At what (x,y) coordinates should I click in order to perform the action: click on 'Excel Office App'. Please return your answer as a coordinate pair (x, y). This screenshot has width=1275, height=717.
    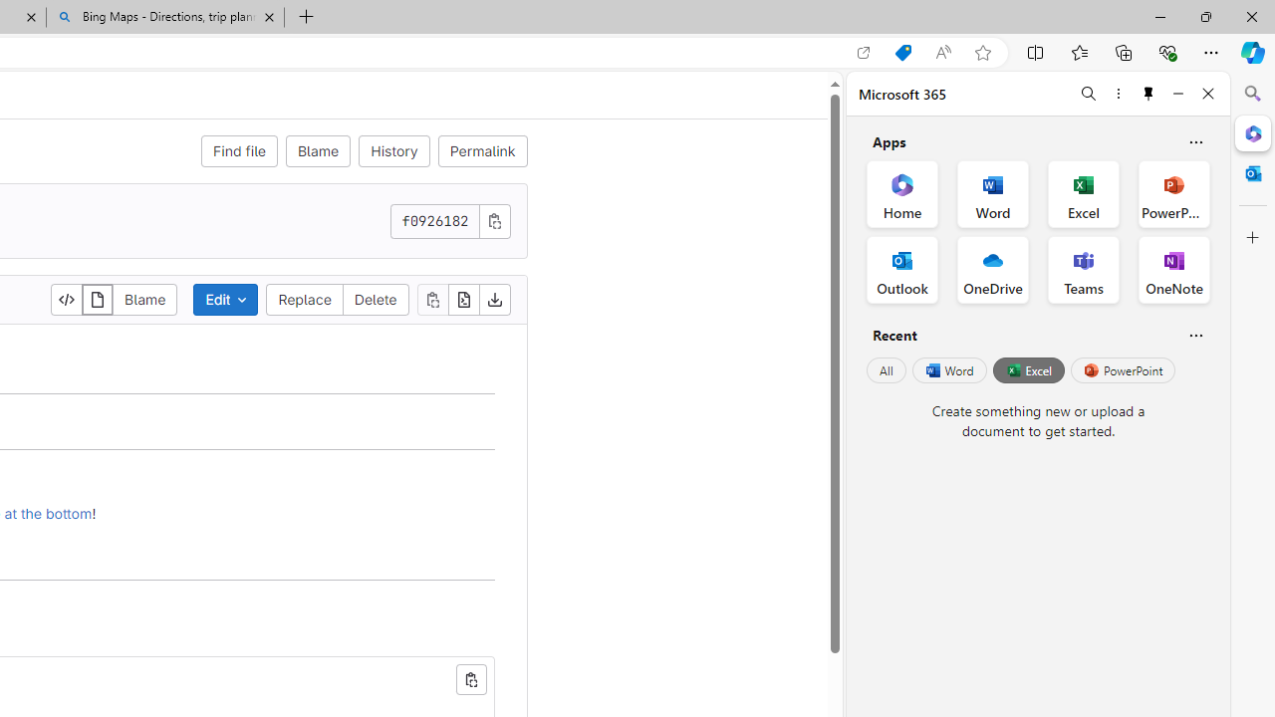
    Looking at the image, I should click on (1083, 194).